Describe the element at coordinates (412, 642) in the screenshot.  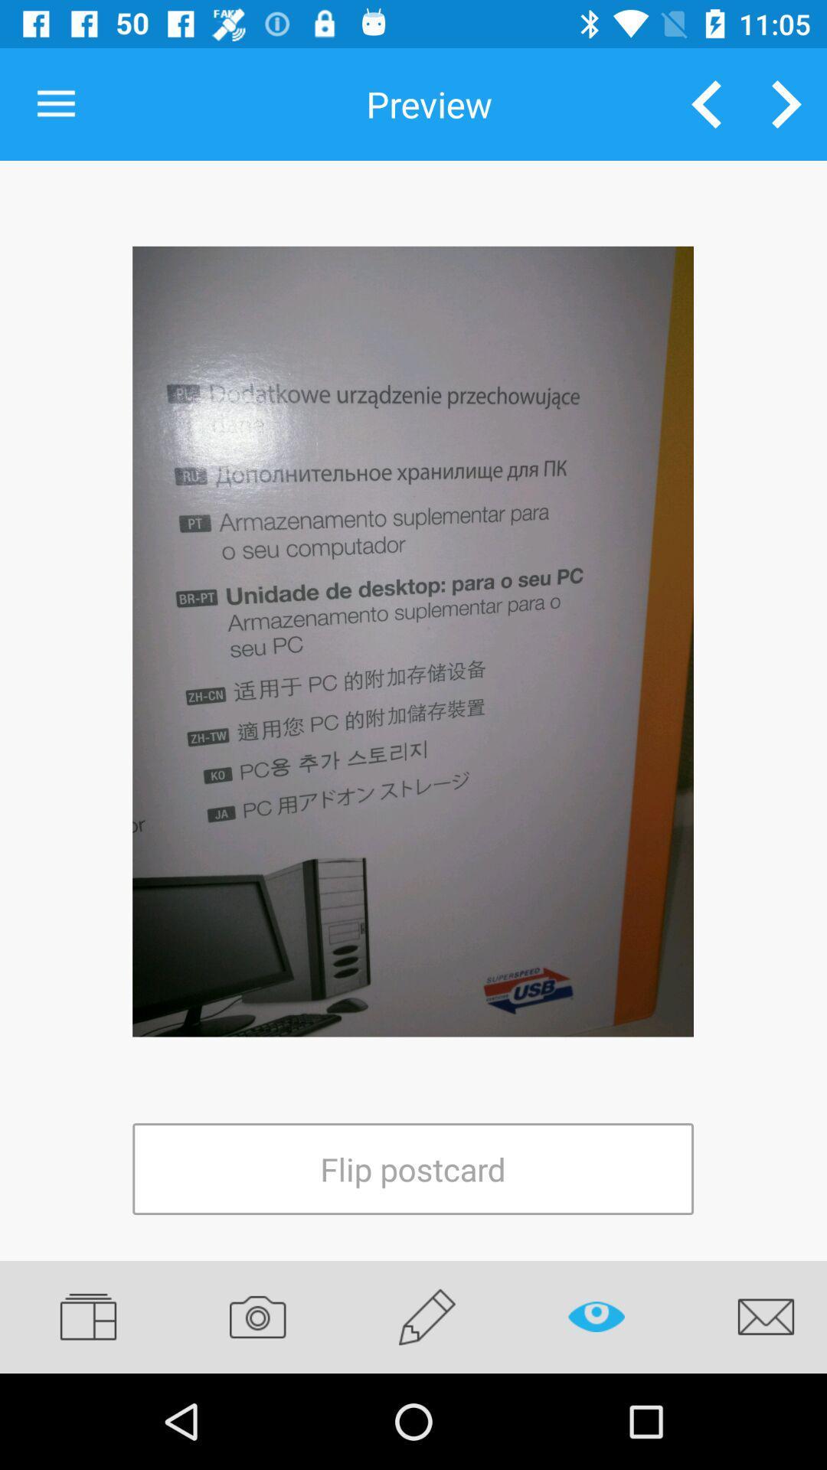
I see `enlarge image` at that location.